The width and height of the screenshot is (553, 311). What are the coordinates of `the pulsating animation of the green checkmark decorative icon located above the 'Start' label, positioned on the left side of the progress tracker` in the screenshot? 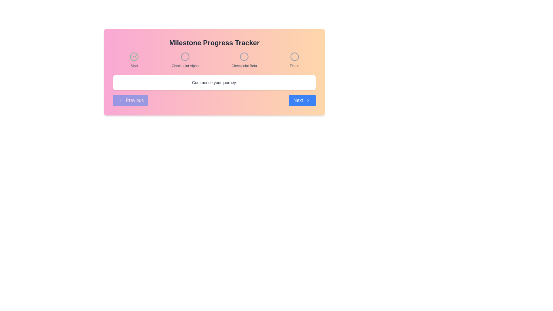 It's located at (134, 60).